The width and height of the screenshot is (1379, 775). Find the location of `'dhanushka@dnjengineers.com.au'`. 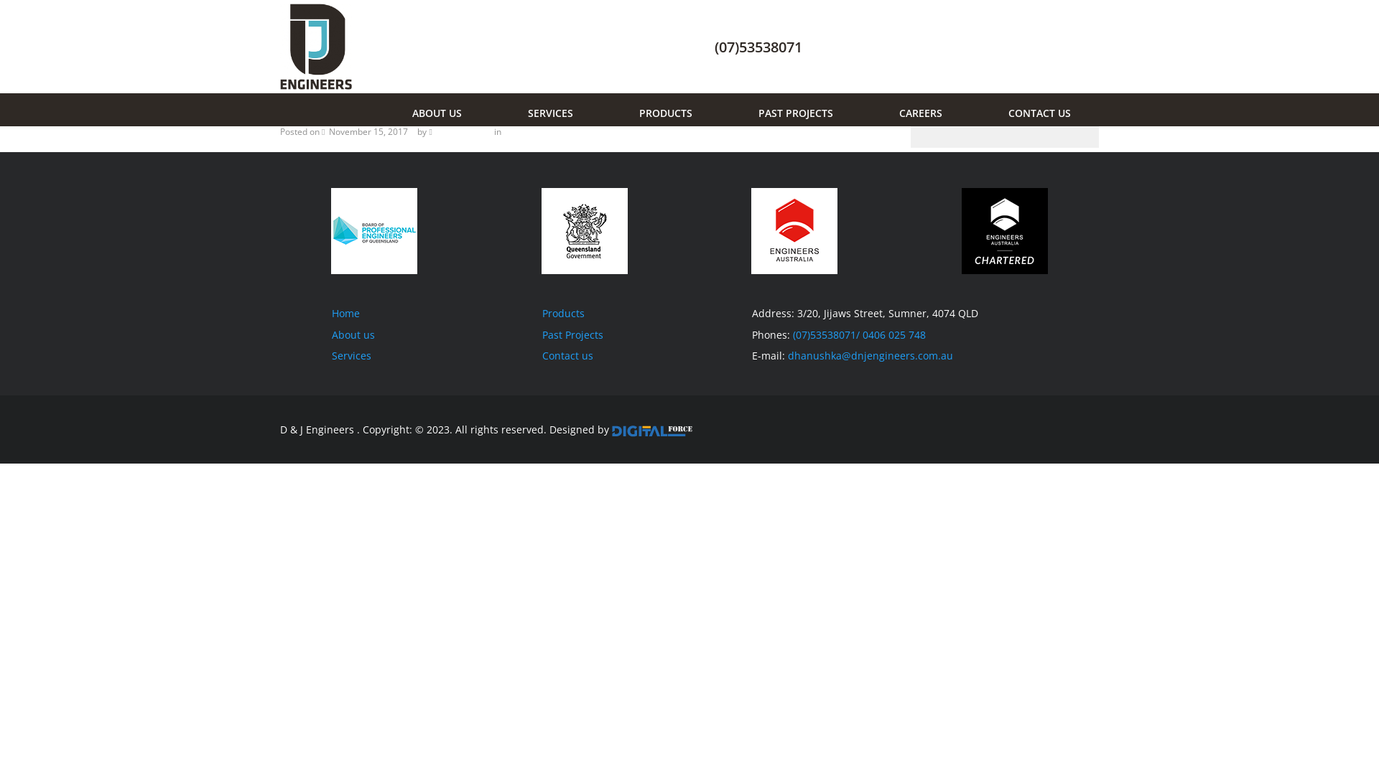

'dhanushka@dnjengineers.com.au' is located at coordinates (870, 355).